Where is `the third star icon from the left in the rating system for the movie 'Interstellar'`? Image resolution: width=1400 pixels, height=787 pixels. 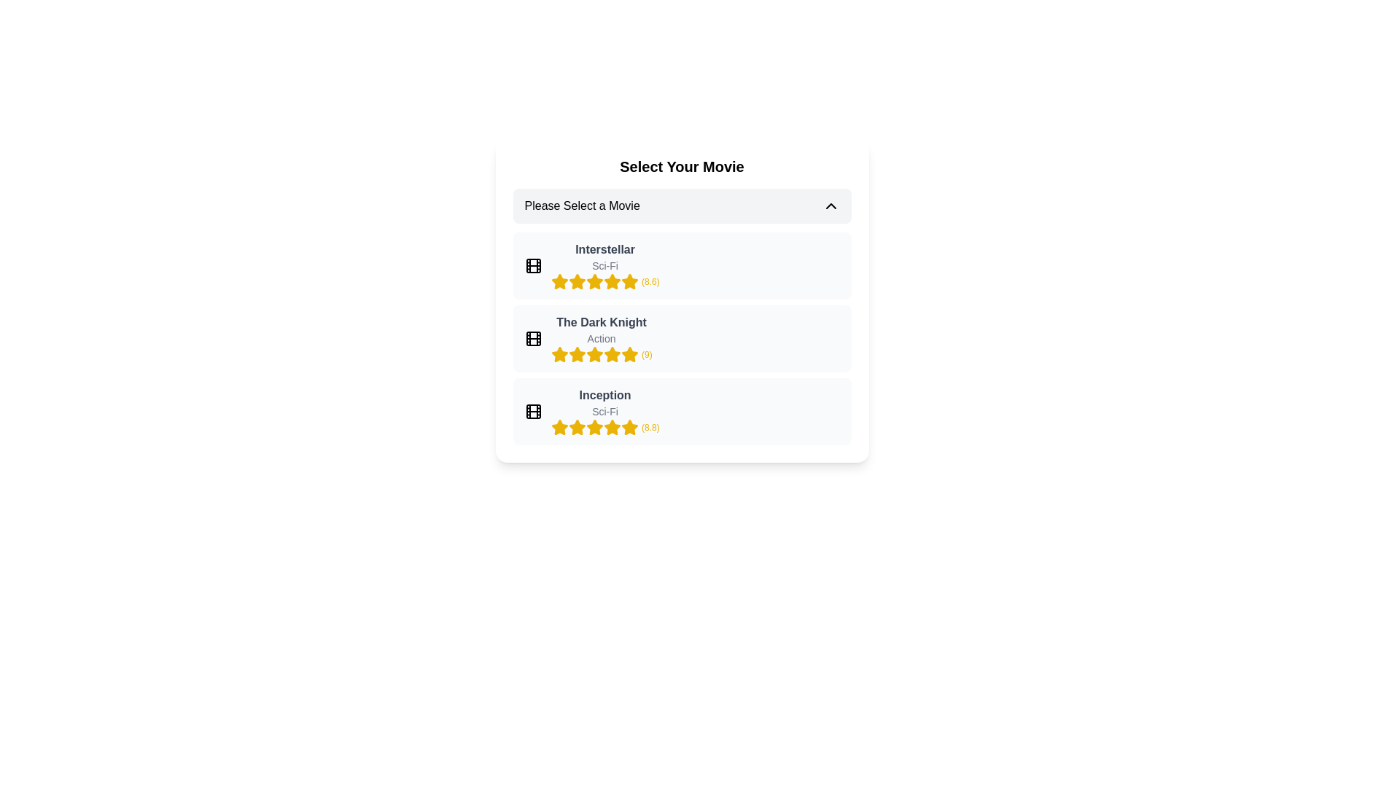
the third star icon from the left in the rating system for the movie 'Interstellar' is located at coordinates (629, 281).